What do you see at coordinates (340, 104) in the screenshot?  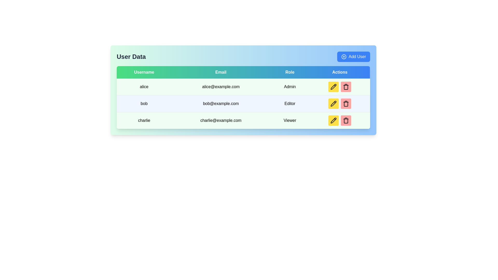 I see `the yellow button with a pencil icon` at bounding box center [340, 104].